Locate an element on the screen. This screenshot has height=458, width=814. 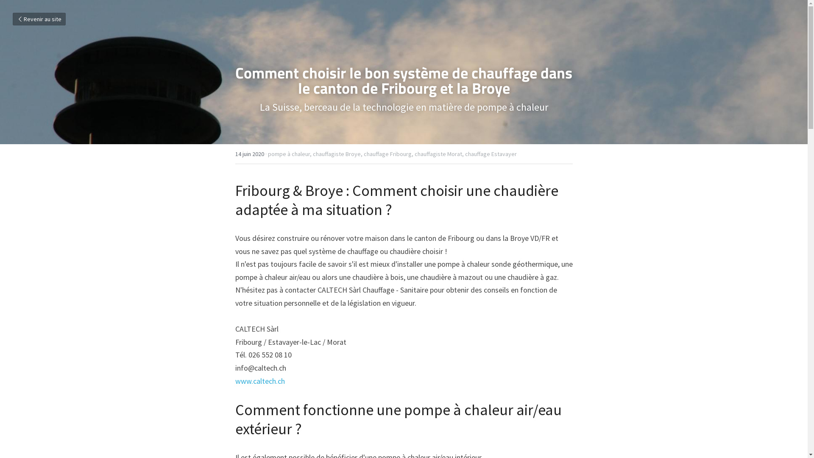
'www.caltech.ch' is located at coordinates (259, 380).